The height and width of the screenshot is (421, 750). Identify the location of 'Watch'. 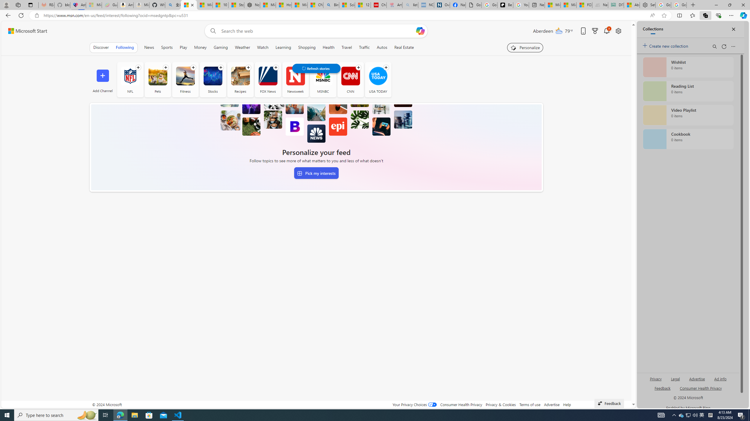
(262, 47).